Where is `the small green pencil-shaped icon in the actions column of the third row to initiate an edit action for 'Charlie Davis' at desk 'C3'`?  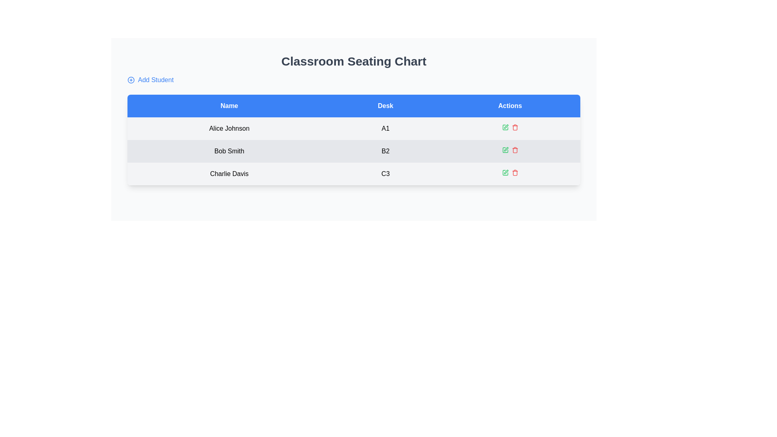
the small green pencil-shaped icon in the actions column of the third row to initiate an edit action for 'Charlie Davis' at desk 'C3' is located at coordinates (505, 171).